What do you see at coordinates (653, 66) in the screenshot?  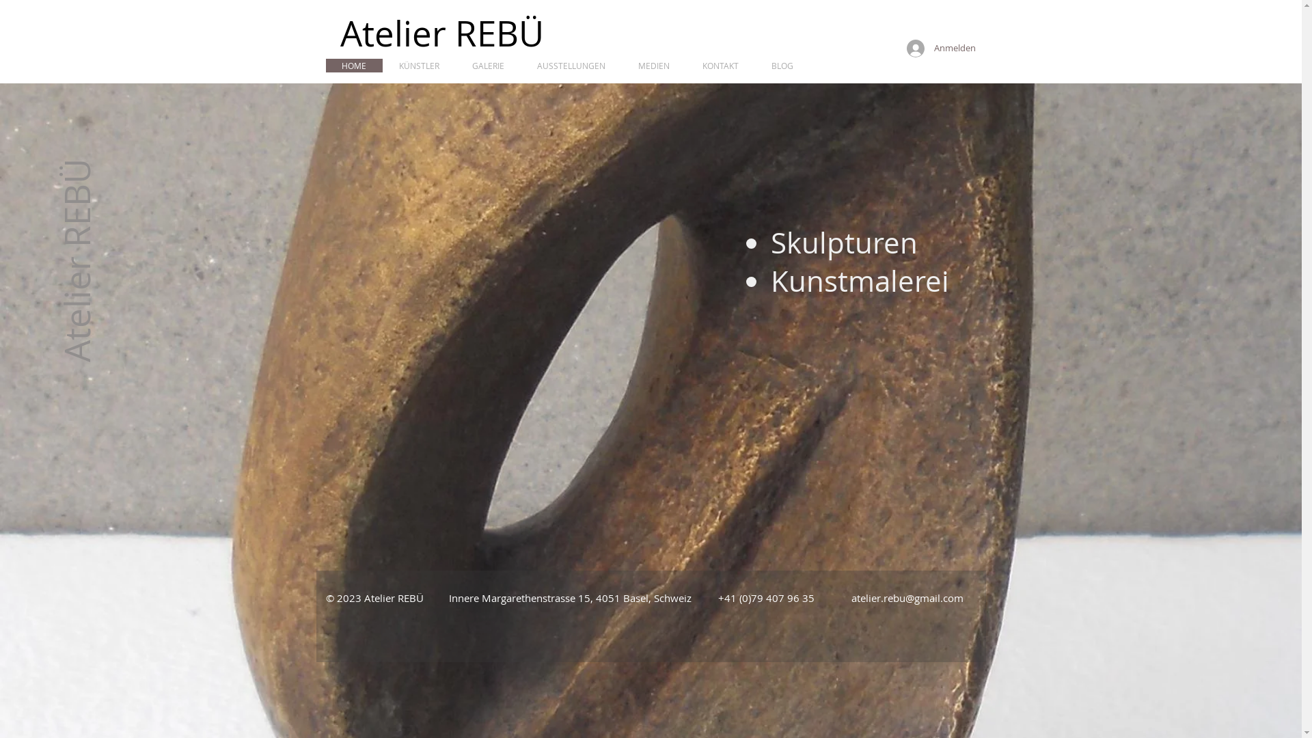 I see `'MEDIEN'` at bounding box center [653, 66].